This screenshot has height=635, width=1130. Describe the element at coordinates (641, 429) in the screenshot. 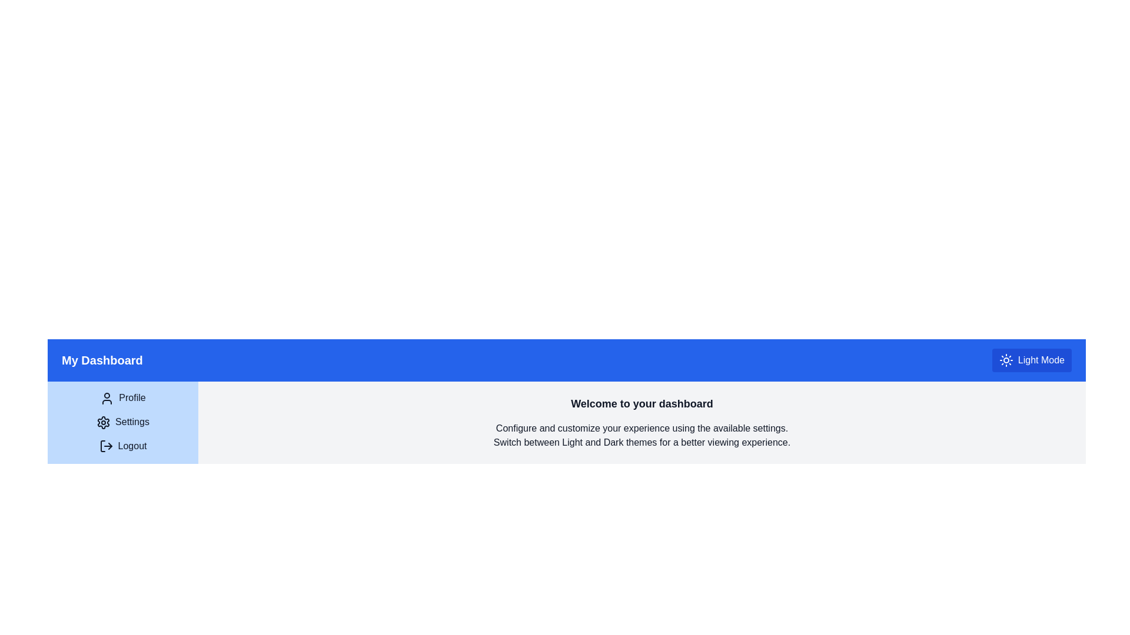

I see `the first text label providing instructions or information about customization settings, located directly below the 'Welcome to your dashboard' heading` at that location.